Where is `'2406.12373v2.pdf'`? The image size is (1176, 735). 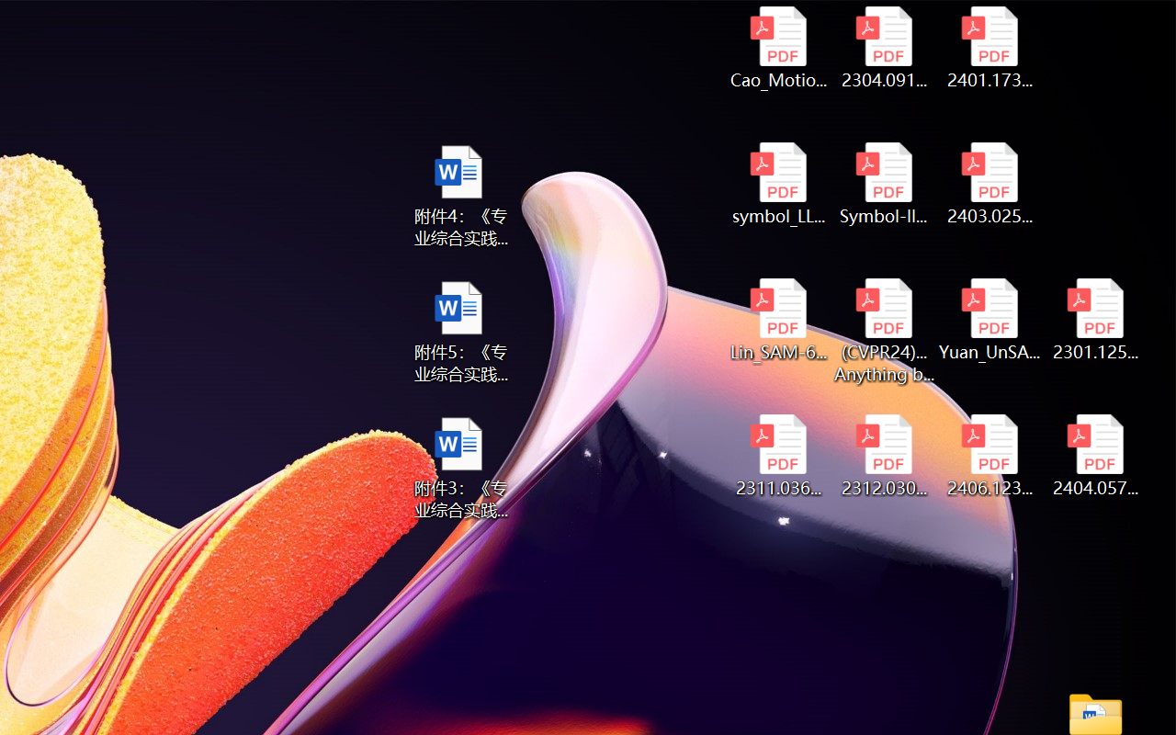
'2406.12373v2.pdf' is located at coordinates (989, 456).